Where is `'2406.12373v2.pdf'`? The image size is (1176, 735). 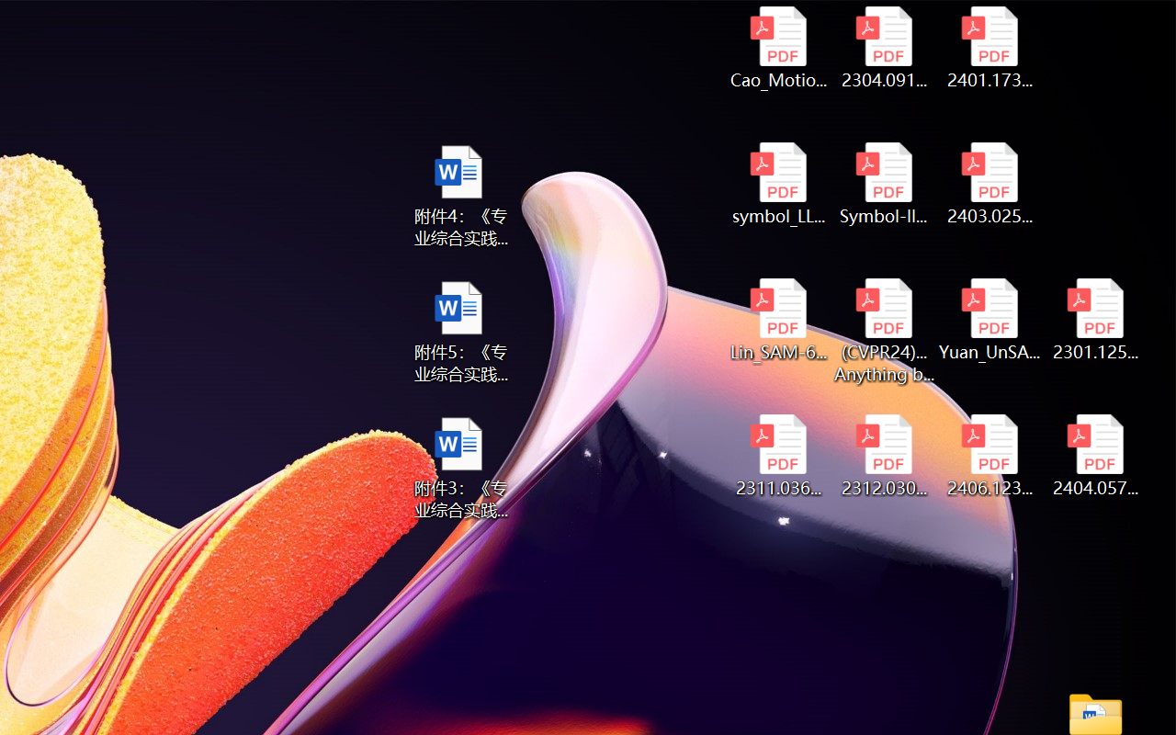
'2406.12373v2.pdf' is located at coordinates (989, 456).